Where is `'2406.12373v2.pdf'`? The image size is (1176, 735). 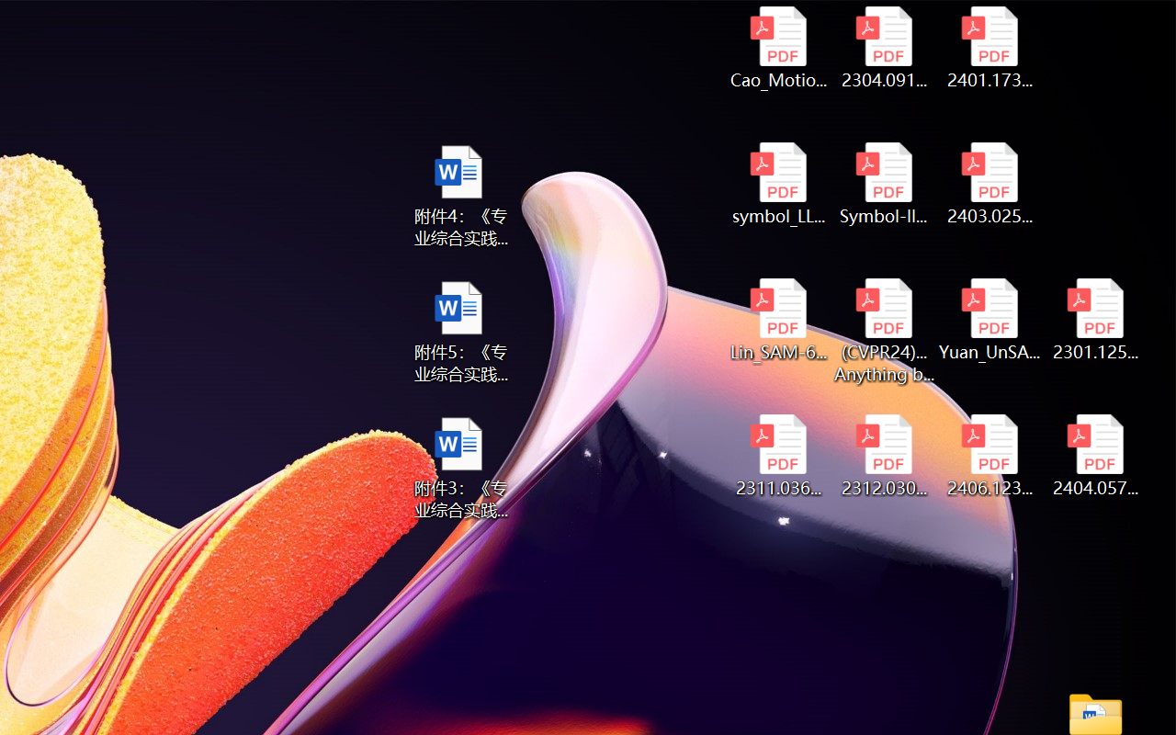
'2406.12373v2.pdf' is located at coordinates (989, 456).